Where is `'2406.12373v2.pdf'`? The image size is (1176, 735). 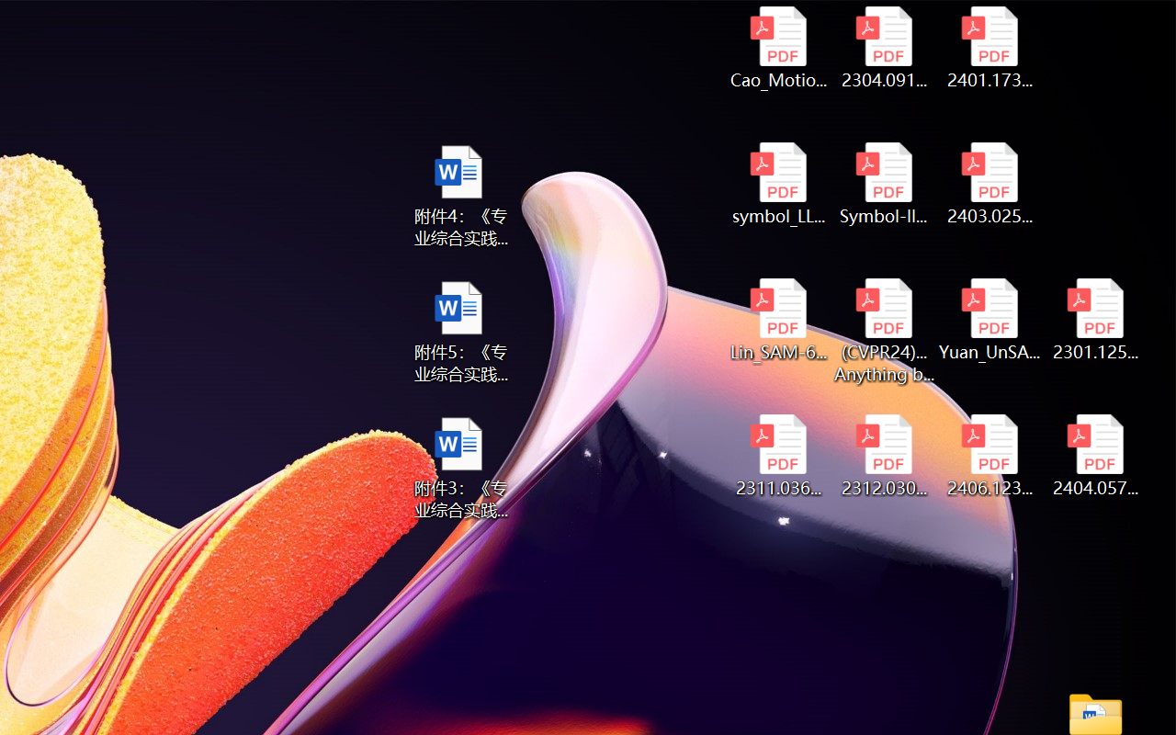
'2406.12373v2.pdf' is located at coordinates (989, 456).